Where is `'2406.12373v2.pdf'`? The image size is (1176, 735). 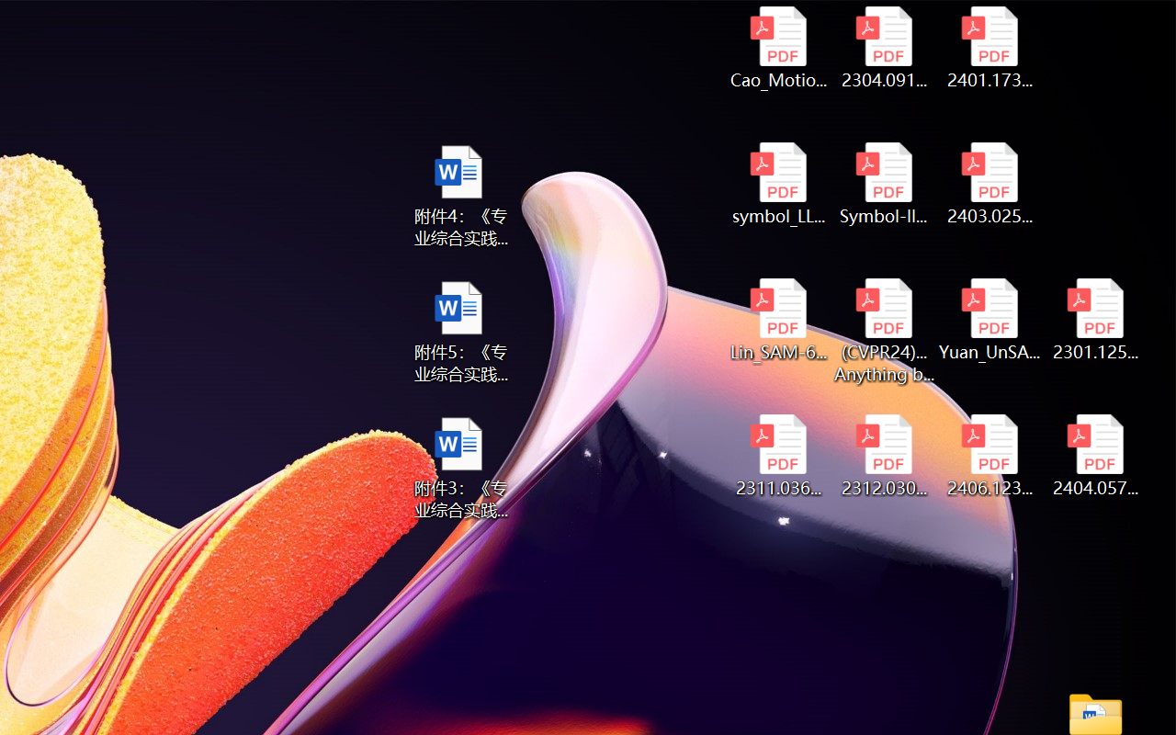
'2406.12373v2.pdf' is located at coordinates (989, 456).